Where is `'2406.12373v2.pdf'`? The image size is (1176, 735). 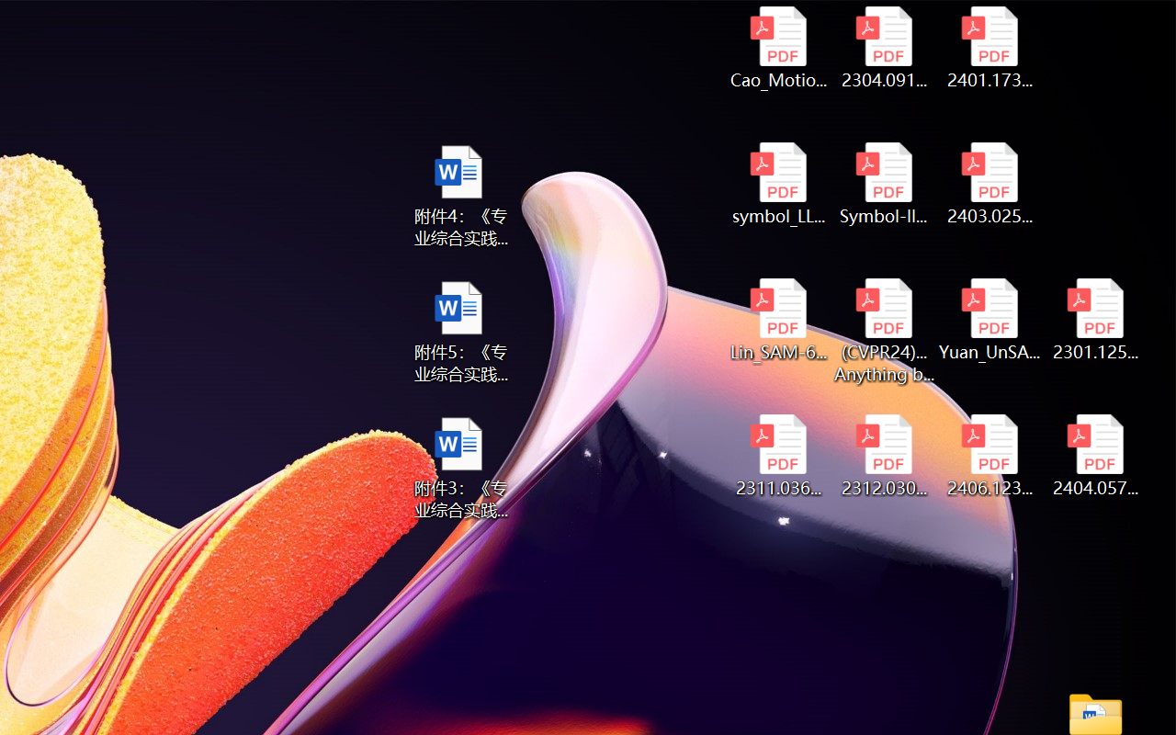
'2406.12373v2.pdf' is located at coordinates (989, 456).